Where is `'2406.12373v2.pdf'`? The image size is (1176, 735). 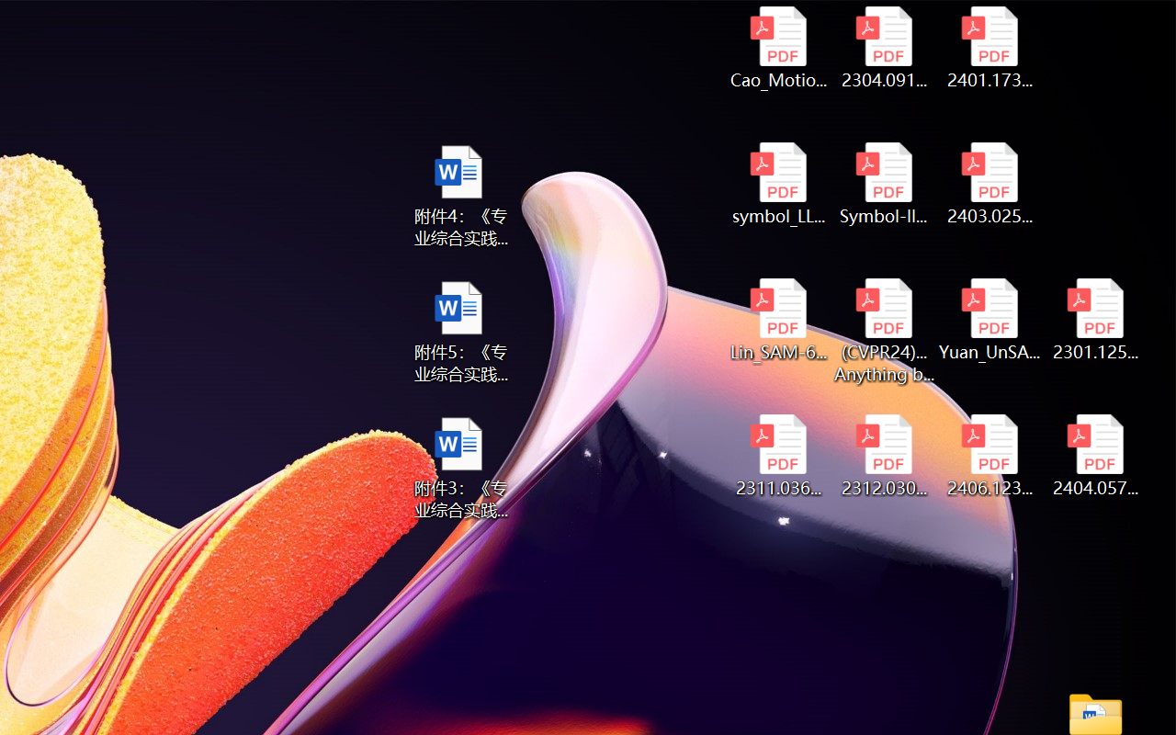
'2406.12373v2.pdf' is located at coordinates (989, 456).